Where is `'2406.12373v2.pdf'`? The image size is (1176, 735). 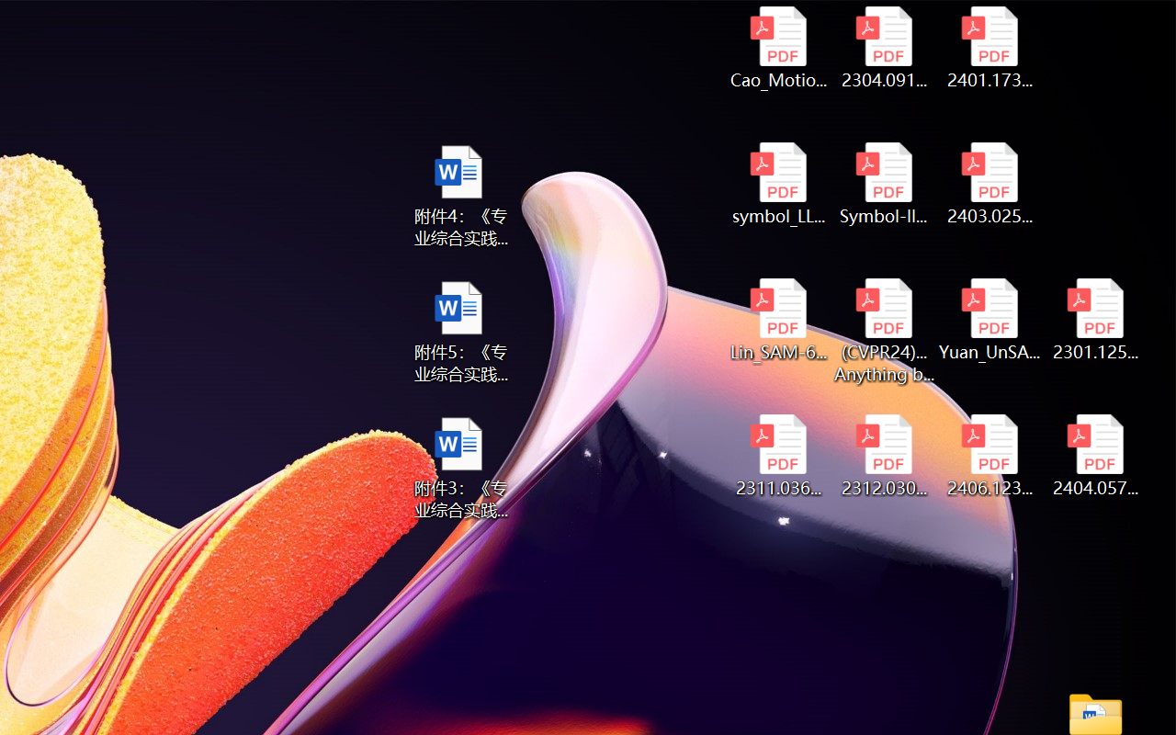
'2406.12373v2.pdf' is located at coordinates (989, 456).